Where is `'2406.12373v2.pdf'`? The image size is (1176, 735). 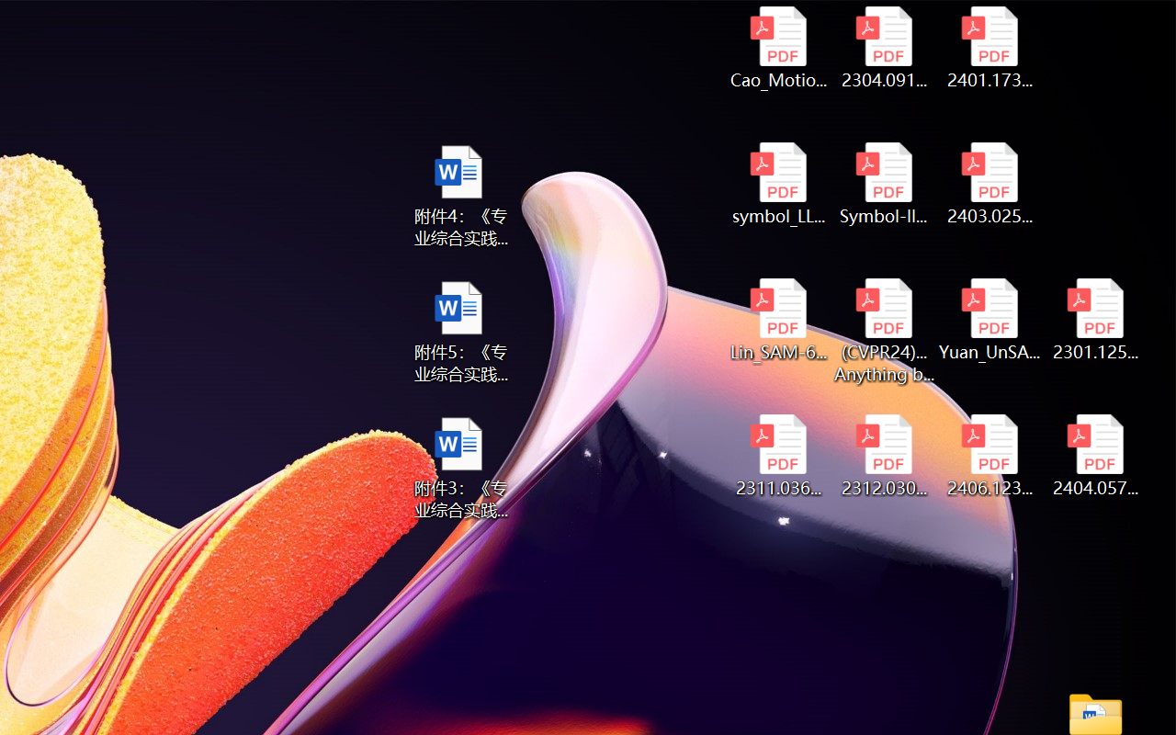
'2406.12373v2.pdf' is located at coordinates (989, 456).